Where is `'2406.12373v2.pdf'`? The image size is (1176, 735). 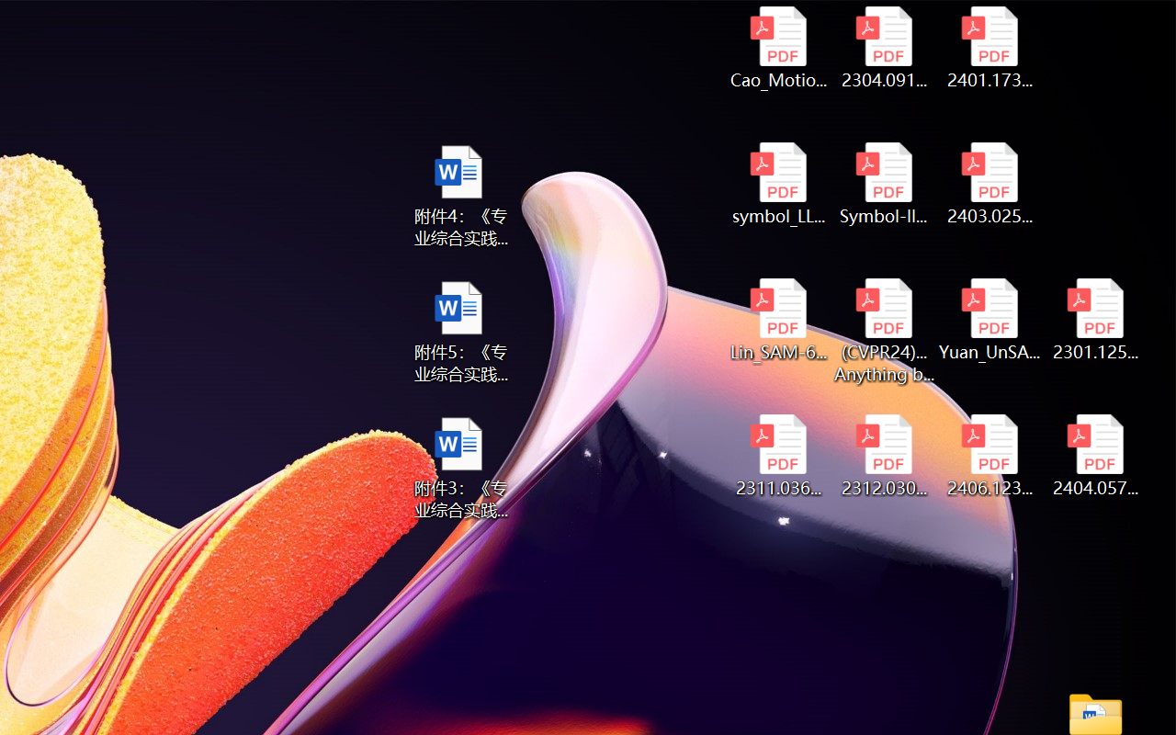
'2406.12373v2.pdf' is located at coordinates (989, 456).